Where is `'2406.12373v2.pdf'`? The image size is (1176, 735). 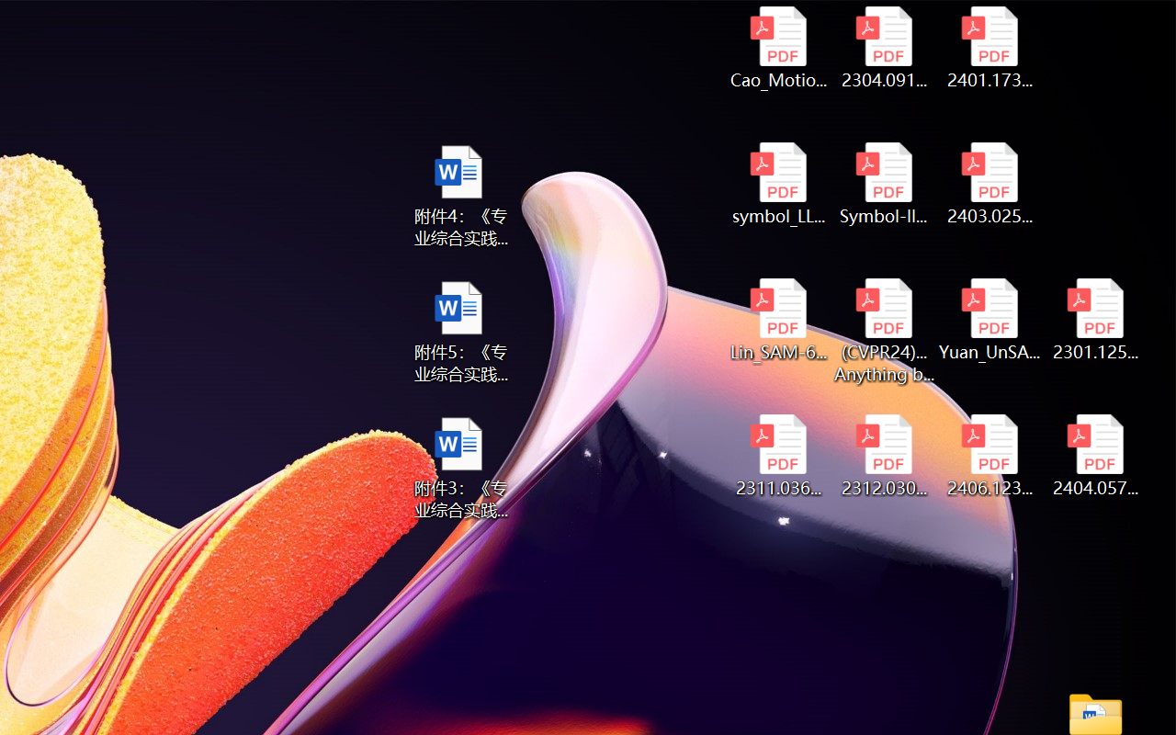
'2406.12373v2.pdf' is located at coordinates (989, 456).